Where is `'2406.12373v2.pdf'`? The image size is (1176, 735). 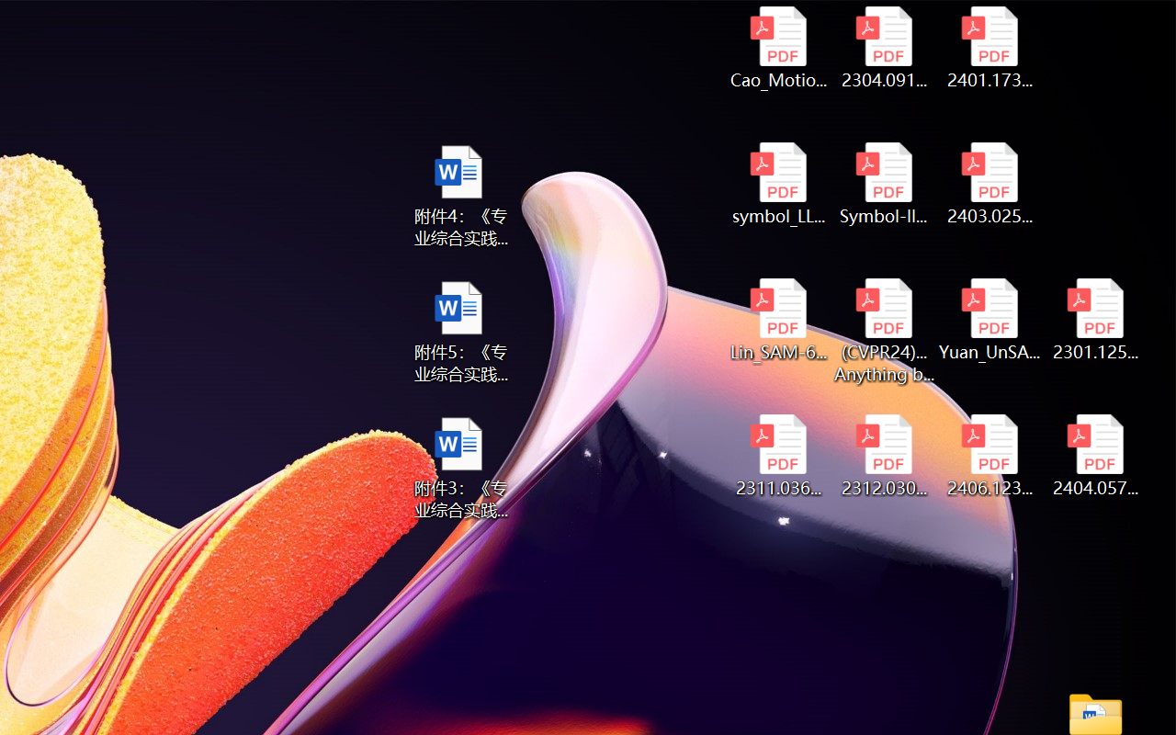
'2406.12373v2.pdf' is located at coordinates (989, 456).